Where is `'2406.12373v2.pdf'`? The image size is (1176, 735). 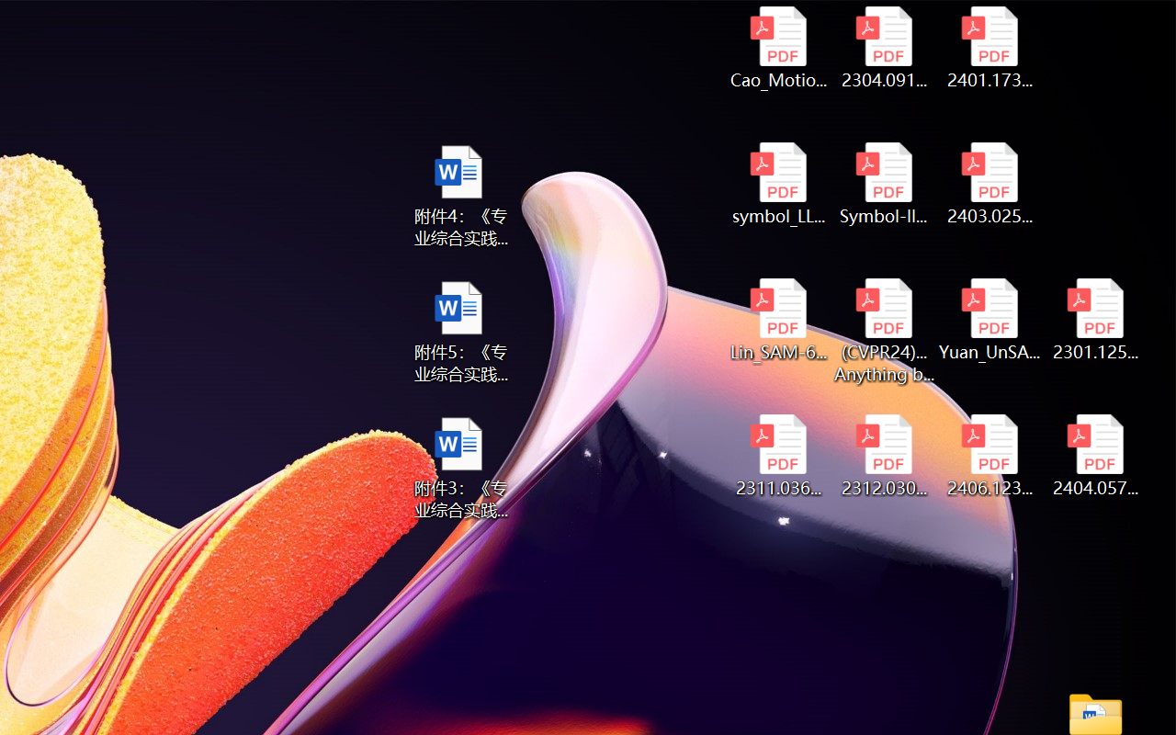
'2406.12373v2.pdf' is located at coordinates (989, 456).